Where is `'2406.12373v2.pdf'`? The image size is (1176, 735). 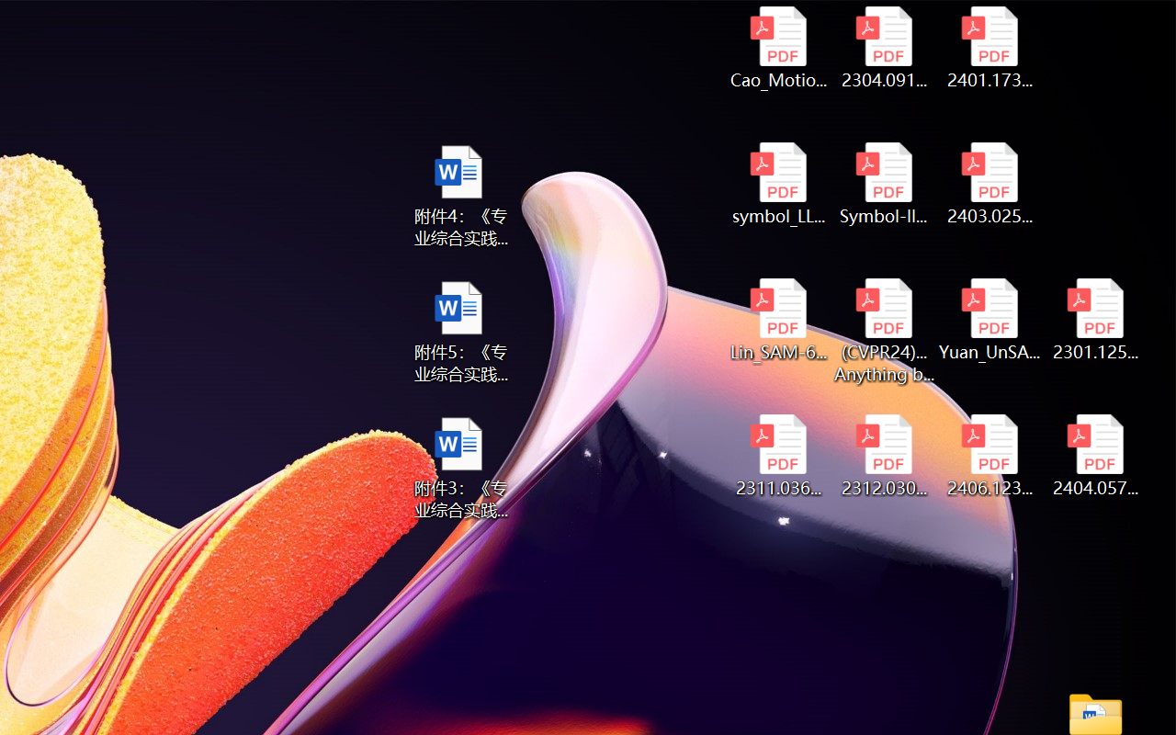
'2406.12373v2.pdf' is located at coordinates (989, 456).